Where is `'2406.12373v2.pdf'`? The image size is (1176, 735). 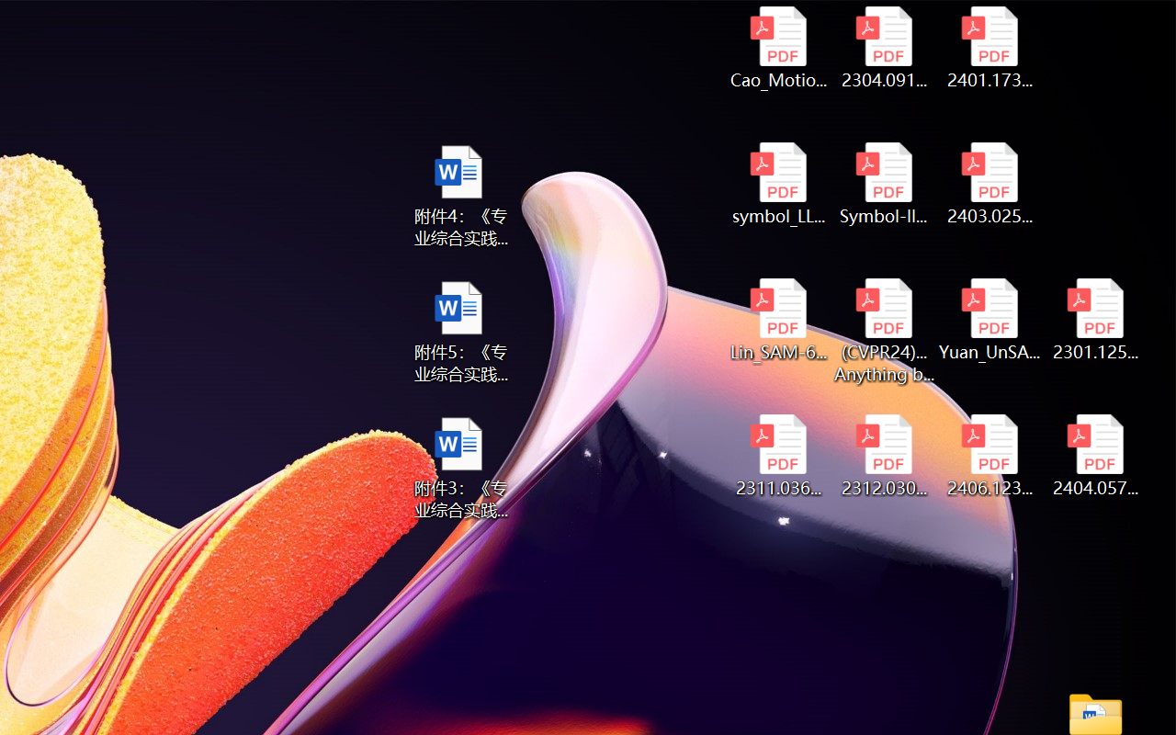
'2406.12373v2.pdf' is located at coordinates (989, 456).